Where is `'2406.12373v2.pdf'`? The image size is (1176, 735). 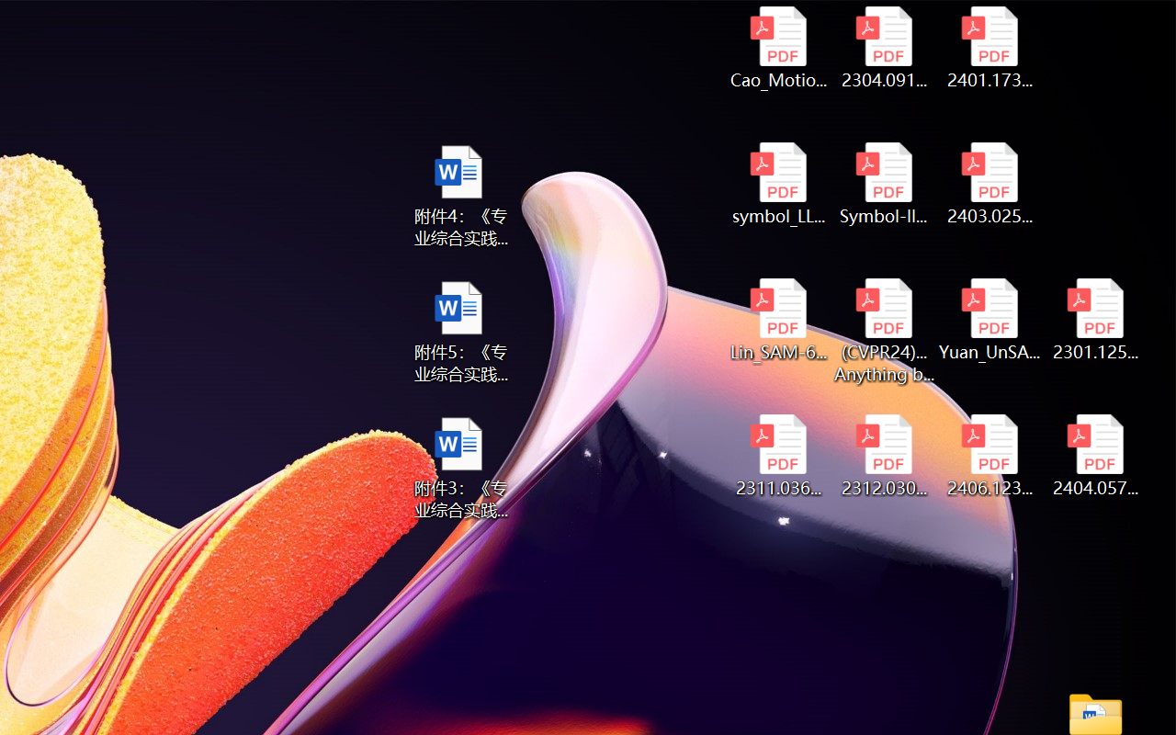
'2406.12373v2.pdf' is located at coordinates (989, 456).